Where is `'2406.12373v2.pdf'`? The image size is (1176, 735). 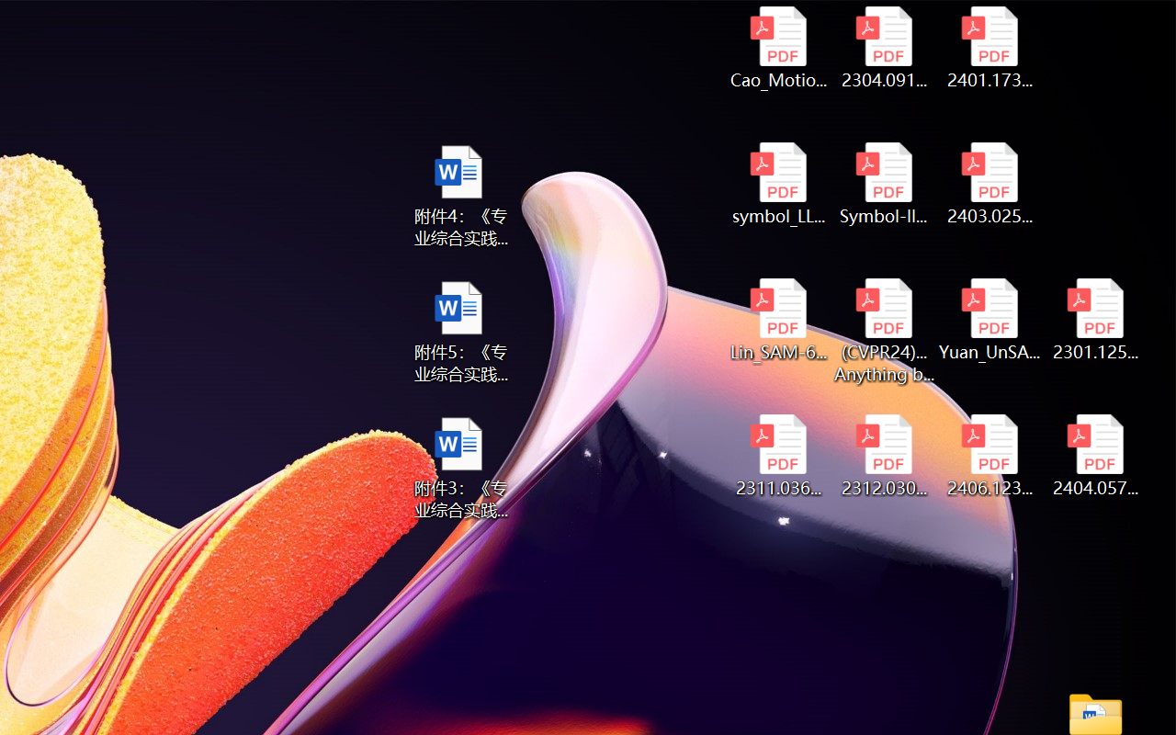
'2406.12373v2.pdf' is located at coordinates (989, 456).